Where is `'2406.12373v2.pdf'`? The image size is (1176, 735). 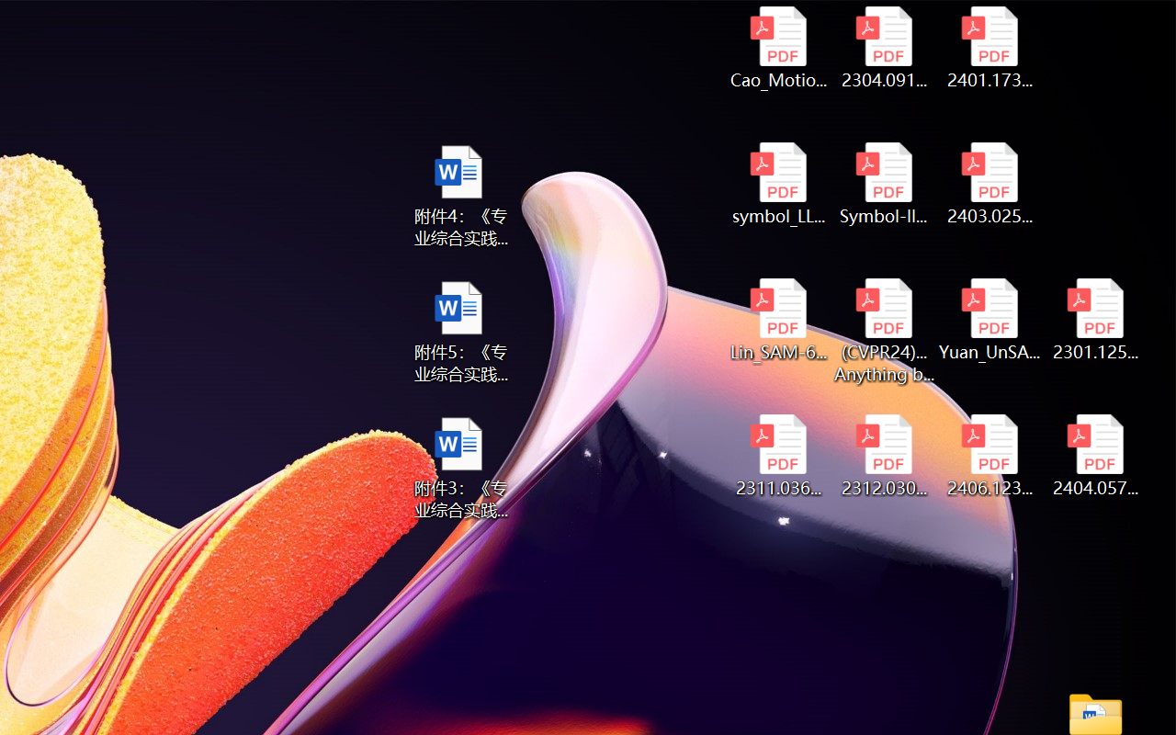
'2406.12373v2.pdf' is located at coordinates (989, 456).